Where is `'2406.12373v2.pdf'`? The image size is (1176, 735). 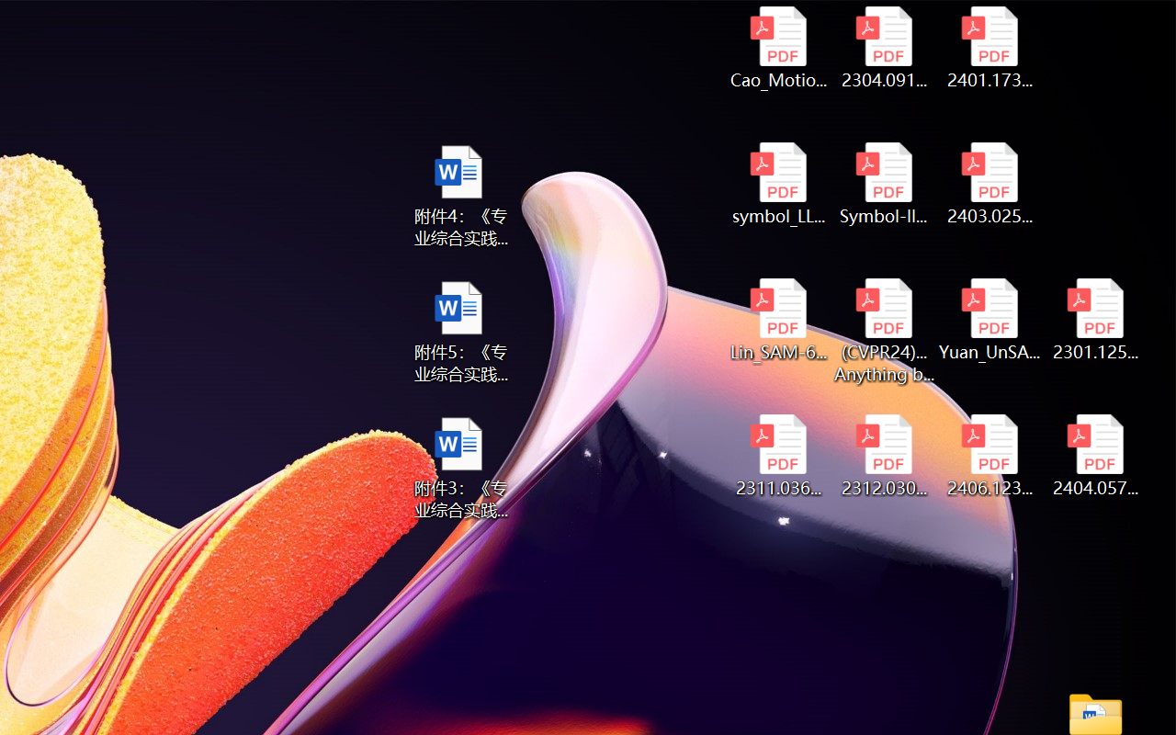
'2406.12373v2.pdf' is located at coordinates (989, 456).